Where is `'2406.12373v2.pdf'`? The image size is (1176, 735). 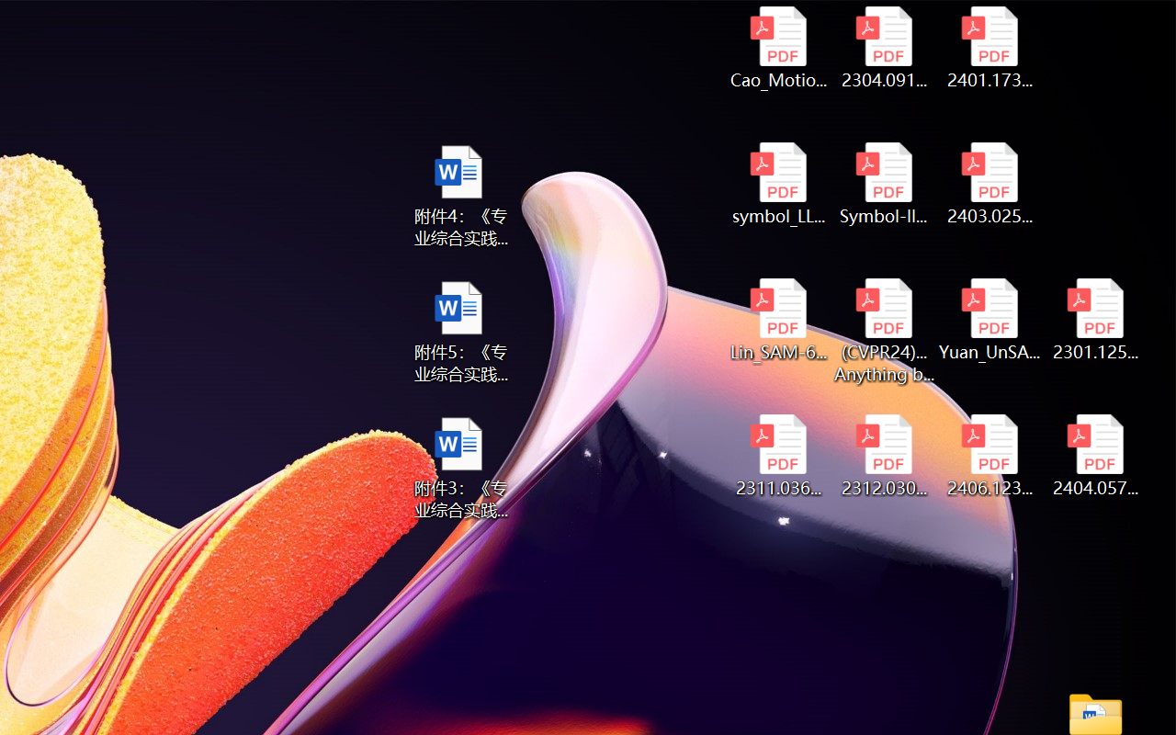
'2406.12373v2.pdf' is located at coordinates (989, 456).